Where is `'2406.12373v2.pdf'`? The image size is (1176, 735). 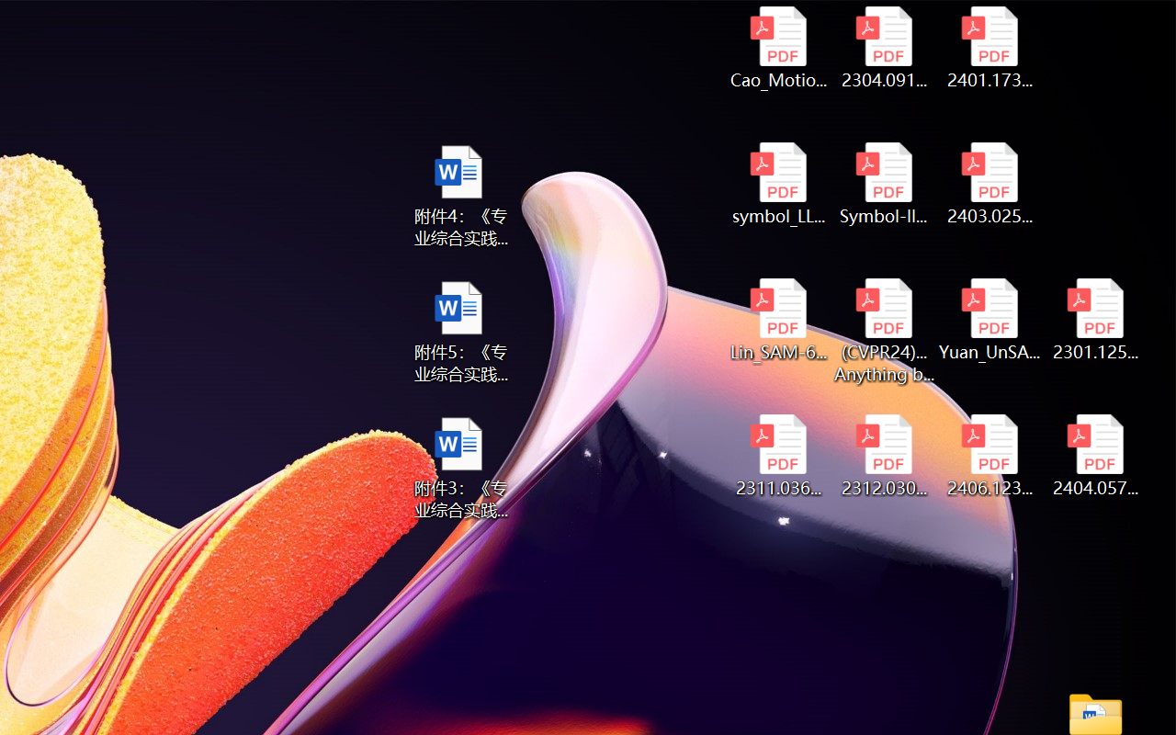
'2406.12373v2.pdf' is located at coordinates (989, 456).